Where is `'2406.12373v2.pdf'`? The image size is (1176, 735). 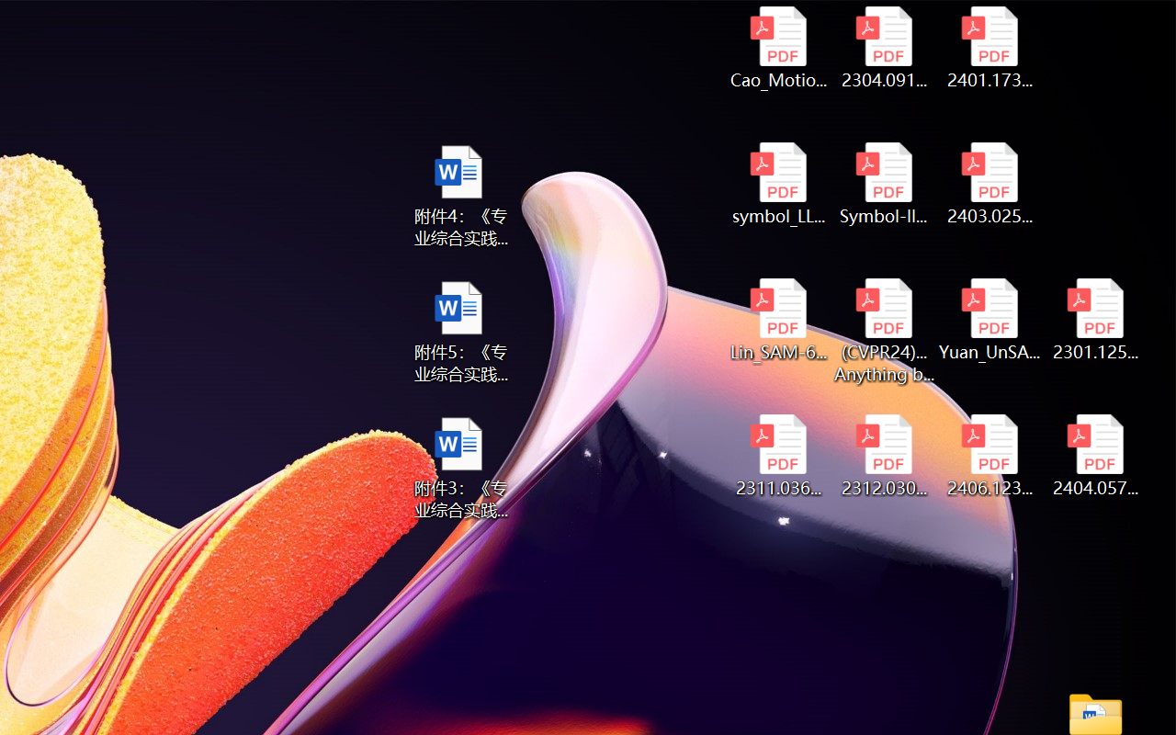
'2406.12373v2.pdf' is located at coordinates (989, 456).